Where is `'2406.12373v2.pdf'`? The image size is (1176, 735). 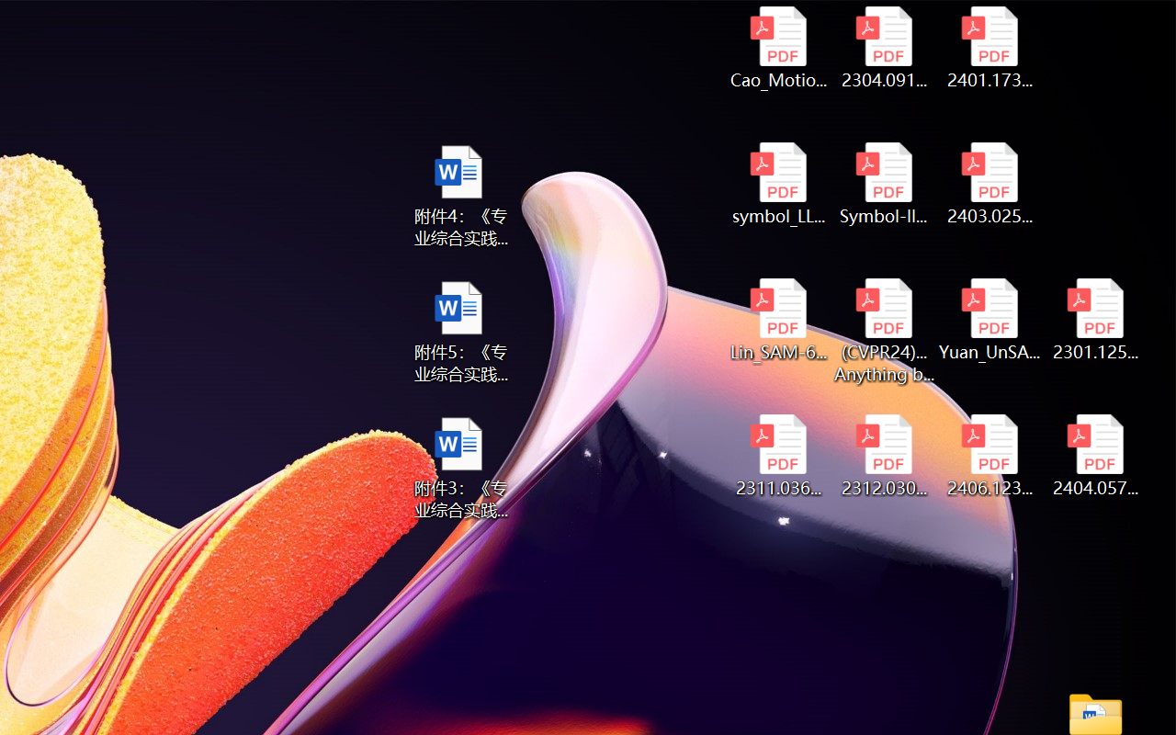
'2406.12373v2.pdf' is located at coordinates (989, 456).